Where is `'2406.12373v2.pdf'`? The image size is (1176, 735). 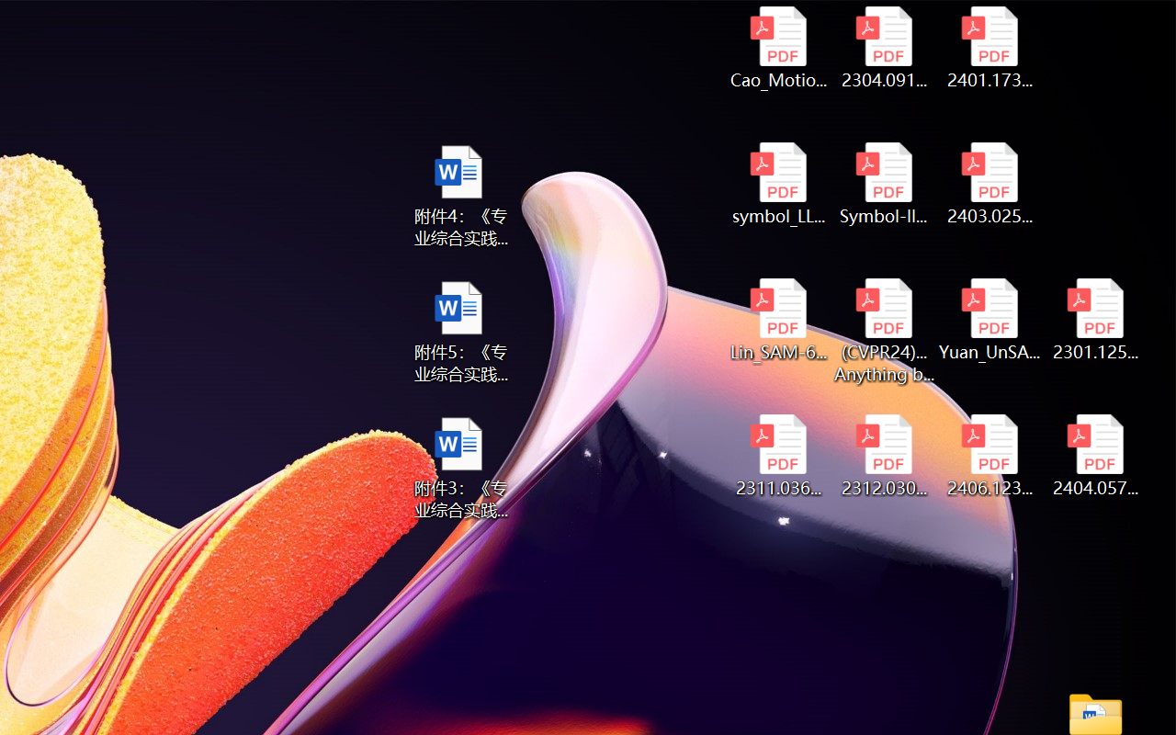
'2406.12373v2.pdf' is located at coordinates (989, 456).